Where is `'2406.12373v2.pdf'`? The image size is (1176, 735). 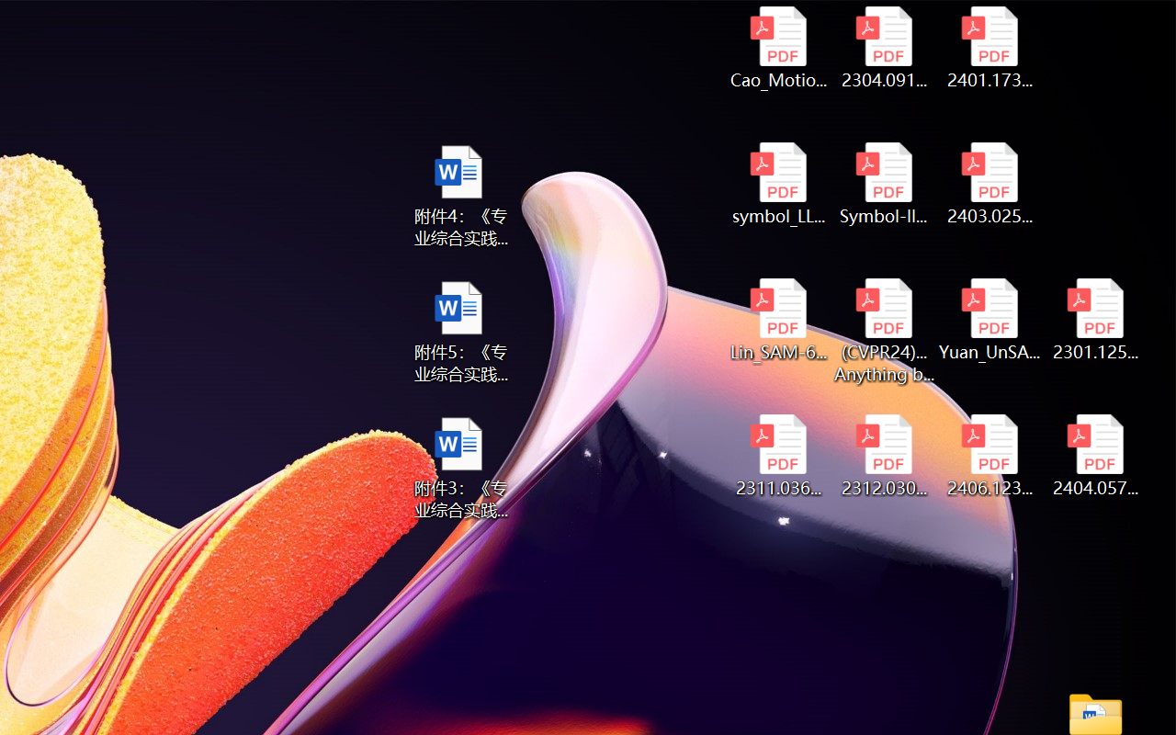
'2406.12373v2.pdf' is located at coordinates (989, 456).